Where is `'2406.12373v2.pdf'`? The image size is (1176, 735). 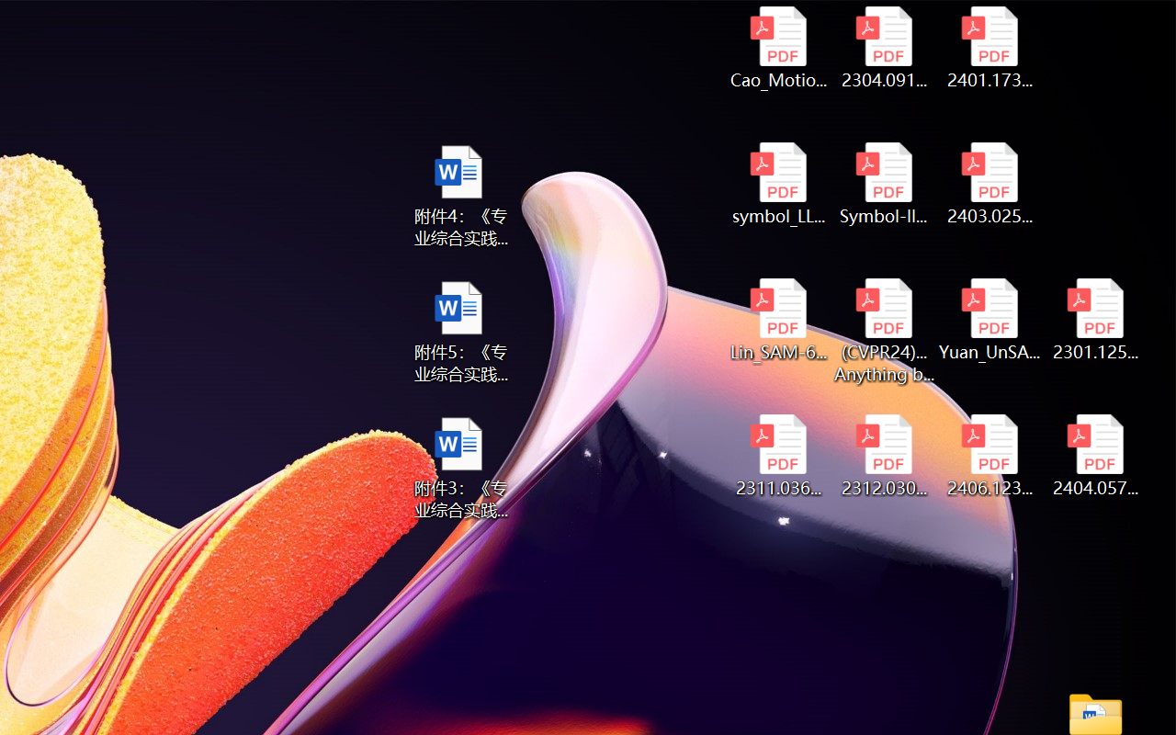
'2406.12373v2.pdf' is located at coordinates (989, 456).